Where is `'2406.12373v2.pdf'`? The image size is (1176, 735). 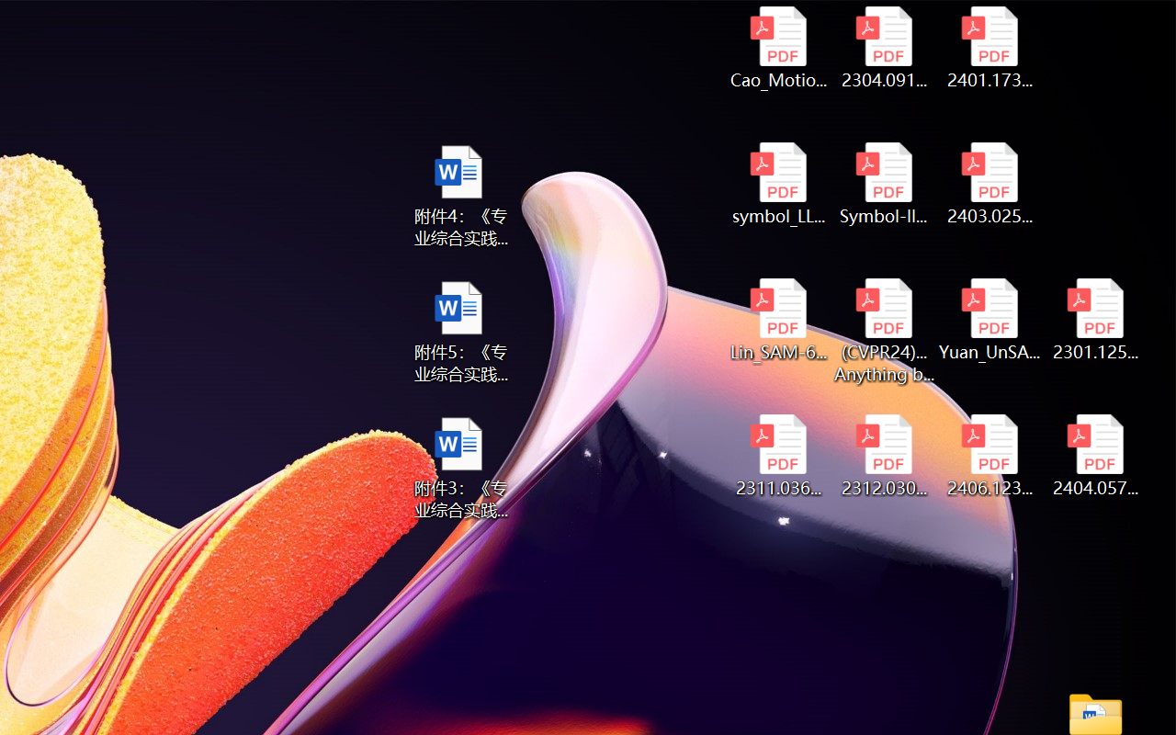
'2406.12373v2.pdf' is located at coordinates (989, 456).